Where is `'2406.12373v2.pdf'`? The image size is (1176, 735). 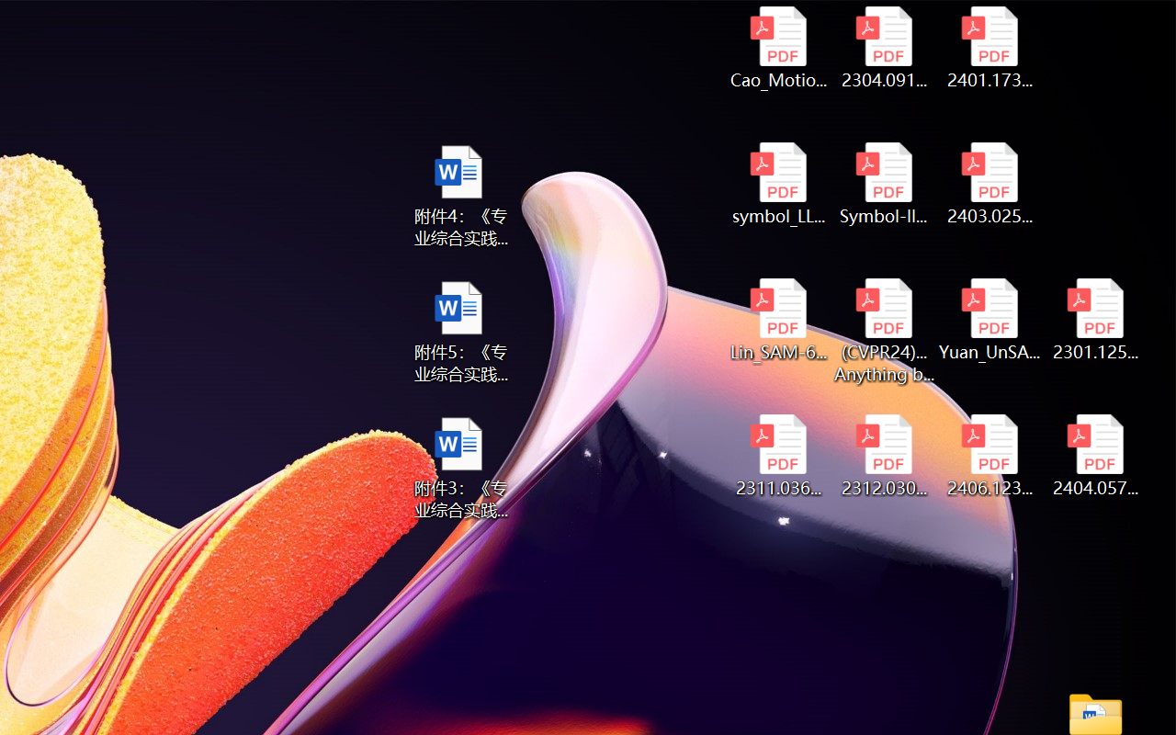
'2406.12373v2.pdf' is located at coordinates (989, 456).